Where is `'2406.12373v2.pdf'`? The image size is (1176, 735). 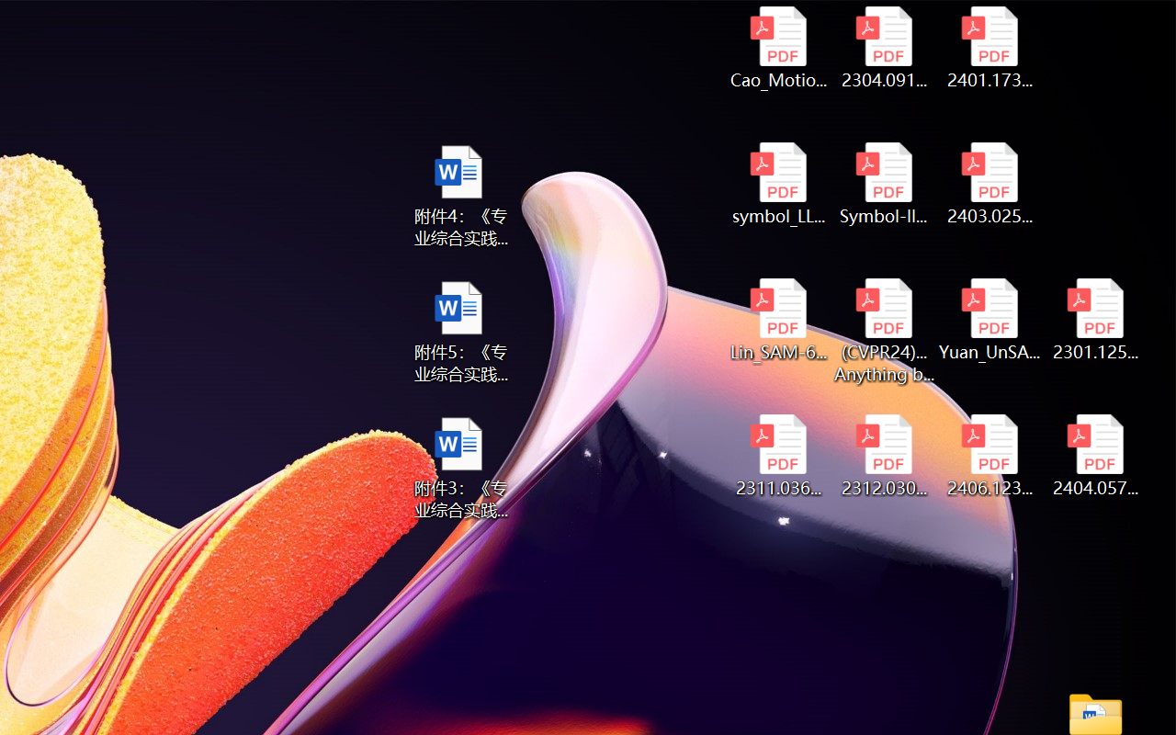
'2406.12373v2.pdf' is located at coordinates (989, 456).